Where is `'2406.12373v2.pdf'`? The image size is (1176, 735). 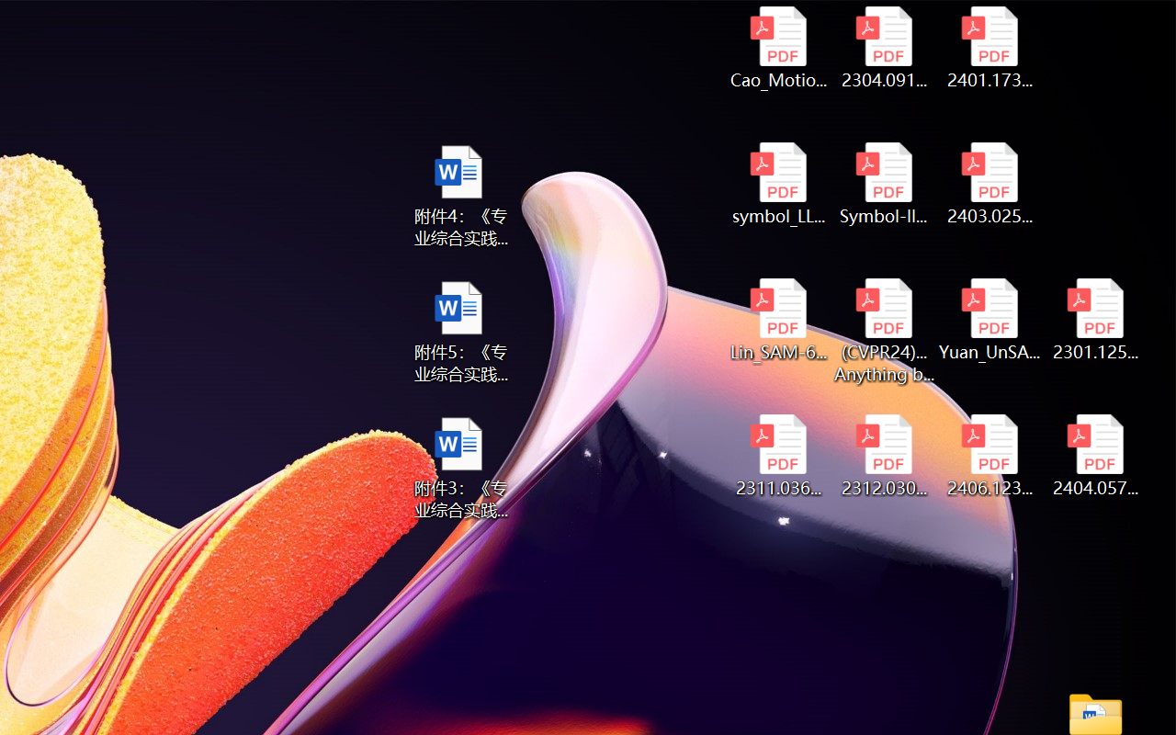
'2406.12373v2.pdf' is located at coordinates (989, 456).